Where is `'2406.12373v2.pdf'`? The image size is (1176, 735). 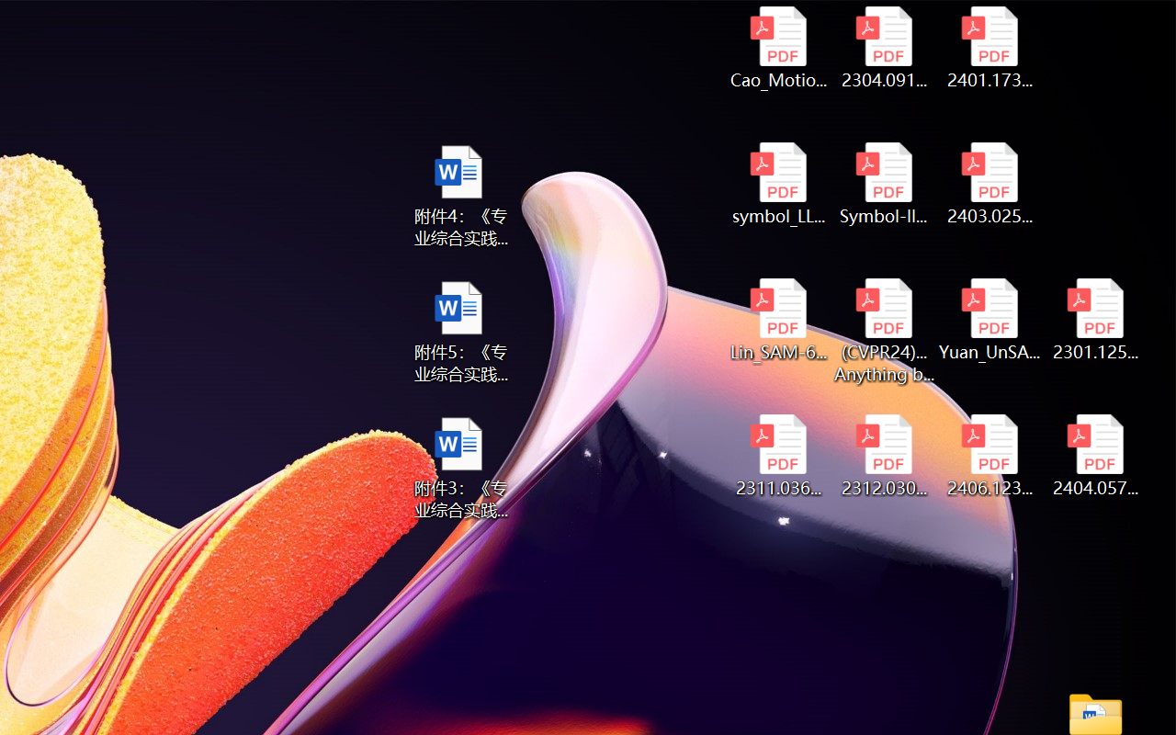
'2406.12373v2.pdf' is located at coordinates (989, 456).